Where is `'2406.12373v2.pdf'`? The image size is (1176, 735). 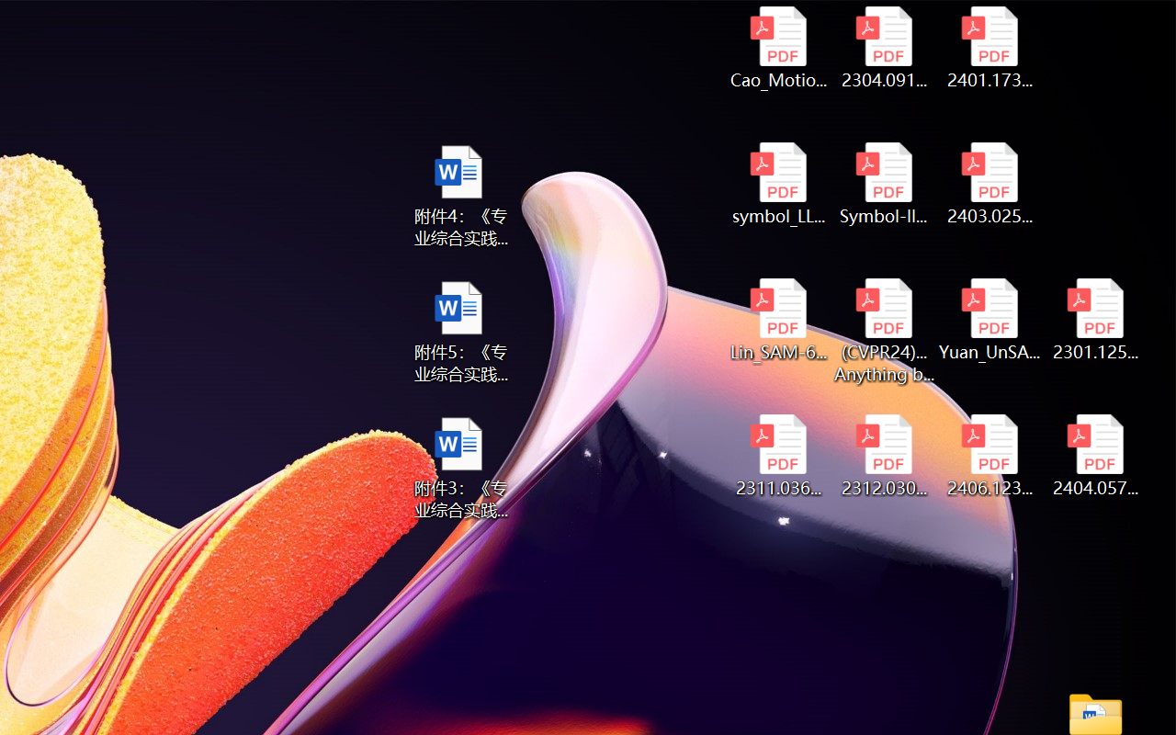
'2406.12373v2.pdf' is located at coordinates (989, 456).